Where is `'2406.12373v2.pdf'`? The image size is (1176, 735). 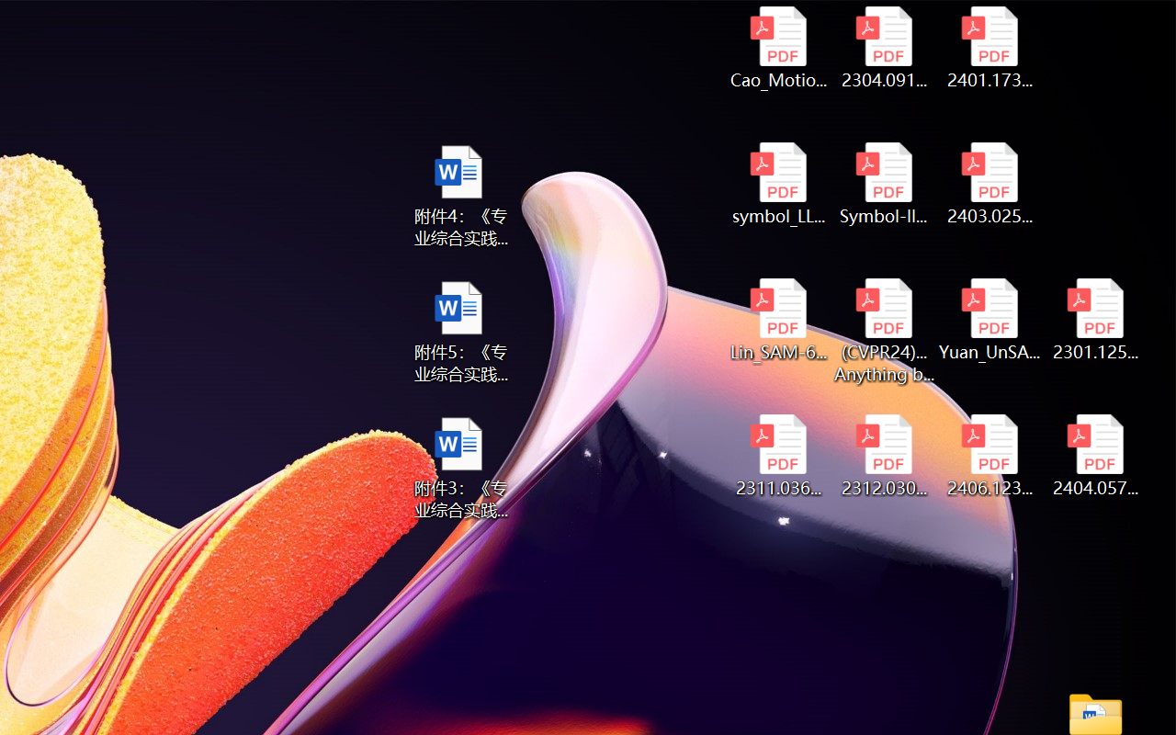
'2406.12373v2.pdf' is located at coordinates (989, 456).